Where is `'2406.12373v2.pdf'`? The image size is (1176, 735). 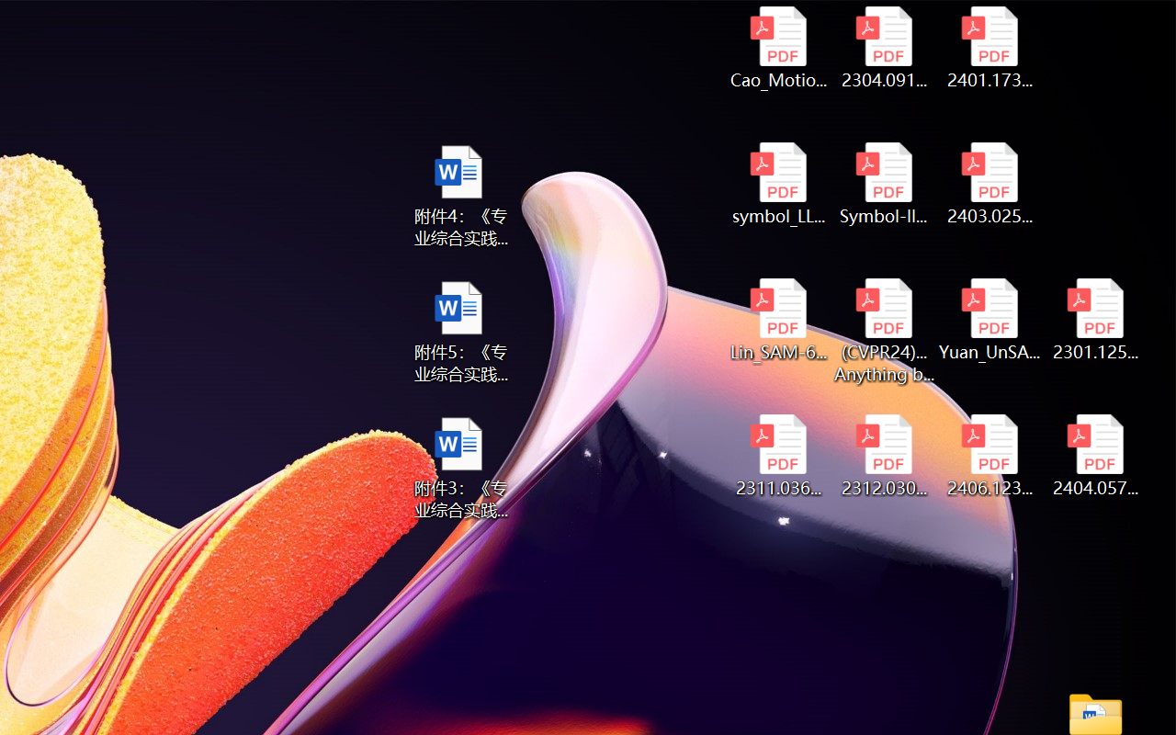
'2406.12373v2.pdf' is located at coordinates (989, 456).